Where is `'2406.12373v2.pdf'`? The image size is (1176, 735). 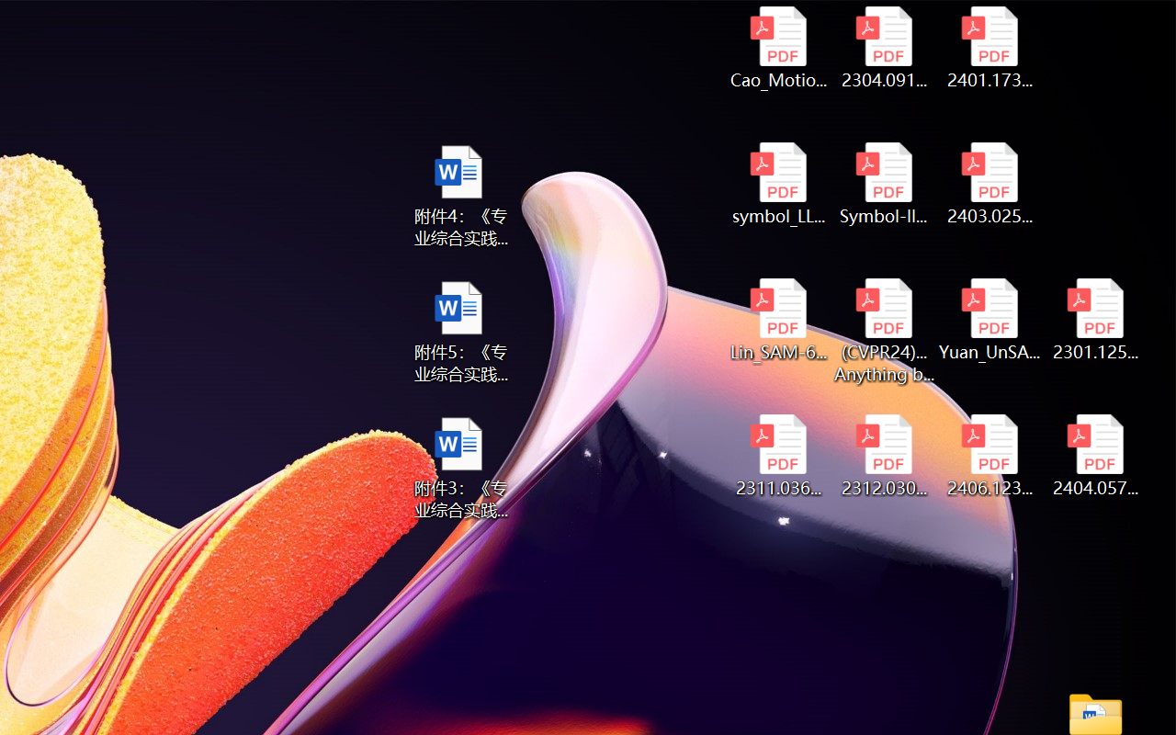
'2406.12373v2.pdf' is located at coordinates (989, 456).